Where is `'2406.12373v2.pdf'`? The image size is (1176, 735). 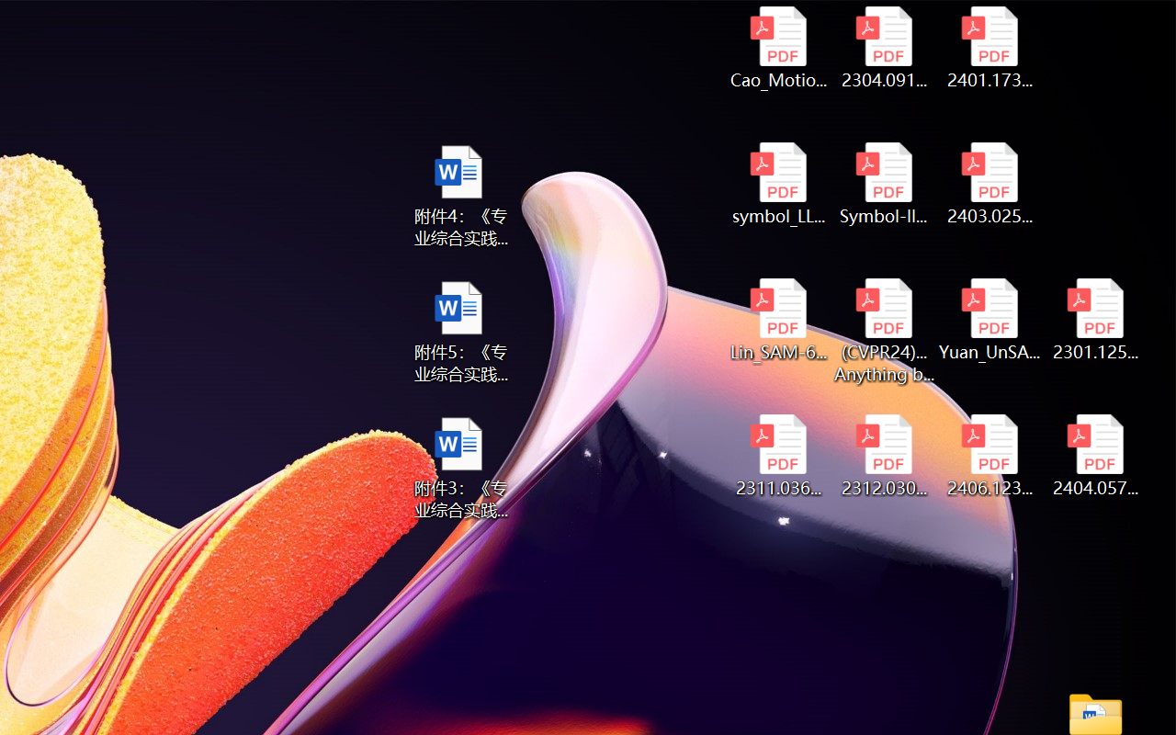
'2406.12373v2.pdf' is located at coordinates (989, 456).